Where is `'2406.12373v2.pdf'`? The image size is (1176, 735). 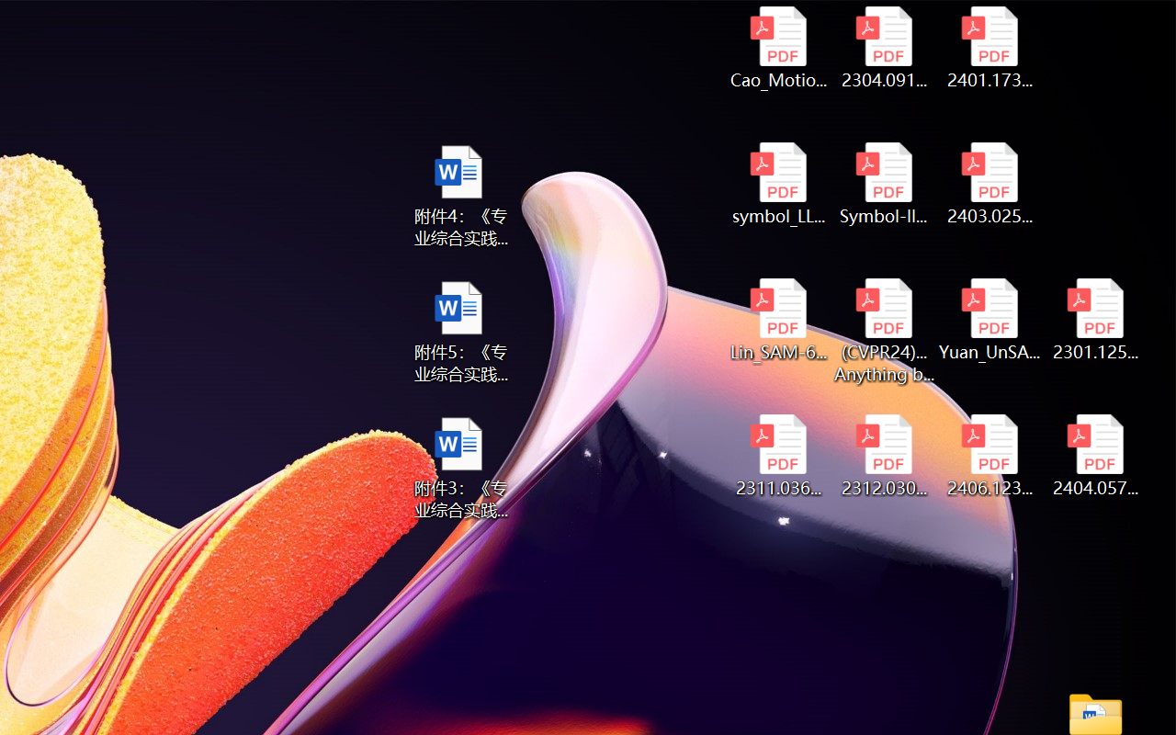
'2406.12373v2.pdf' is located at coordinates (989, 456).